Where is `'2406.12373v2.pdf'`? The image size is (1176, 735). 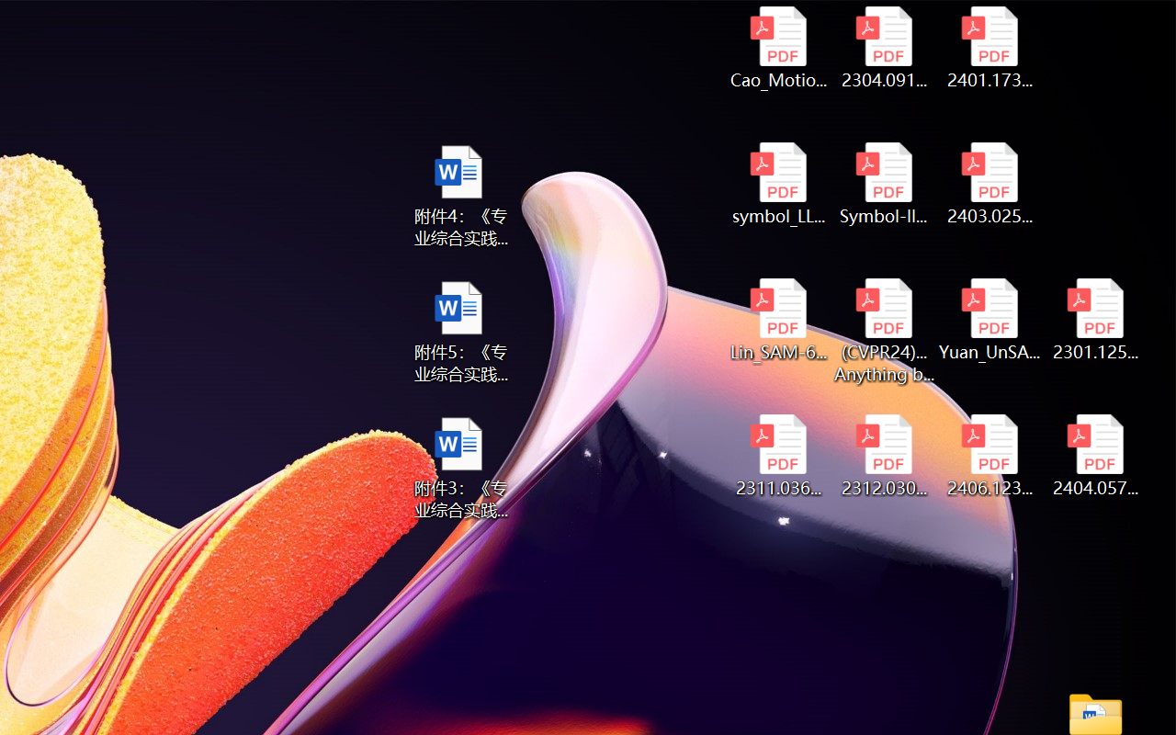
'2406.12373v2.pdf' is located at coordinates (989, 456).